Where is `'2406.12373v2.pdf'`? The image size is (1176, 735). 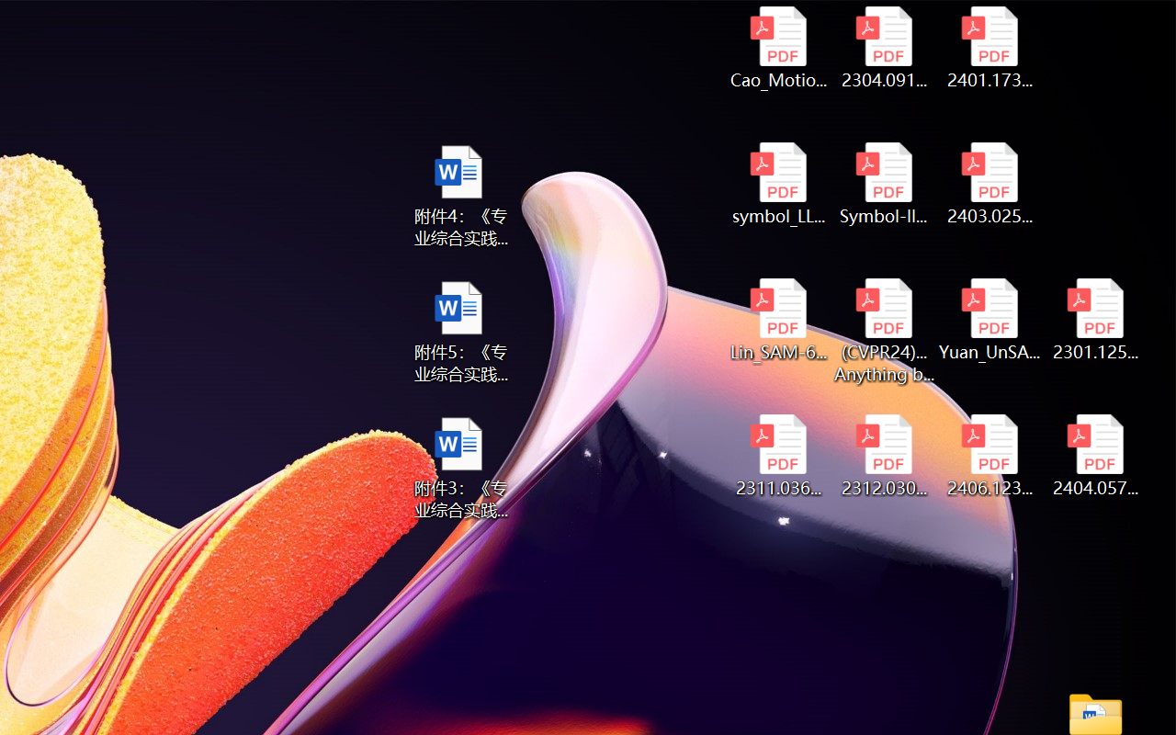
'2406.12373v2.pdf' is located at coordinates (989, 456).